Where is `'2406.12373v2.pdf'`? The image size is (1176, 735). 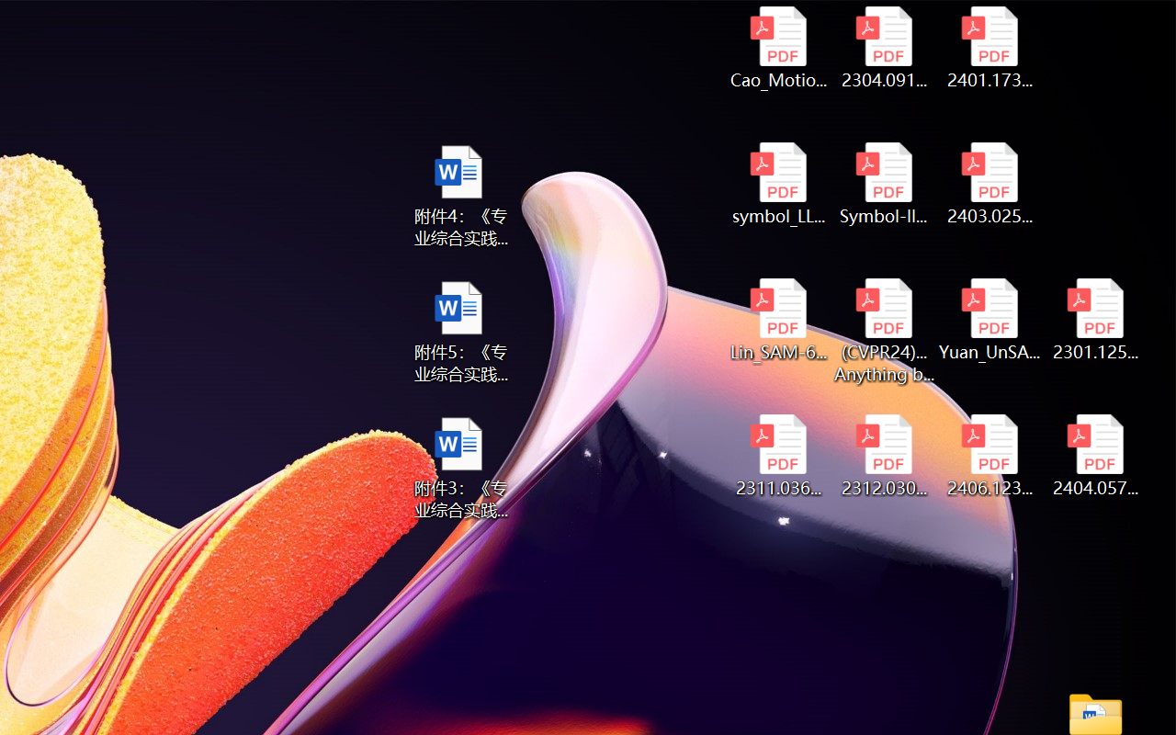
'2406.12373v2.pdf' is located at coordinates (989, 456).